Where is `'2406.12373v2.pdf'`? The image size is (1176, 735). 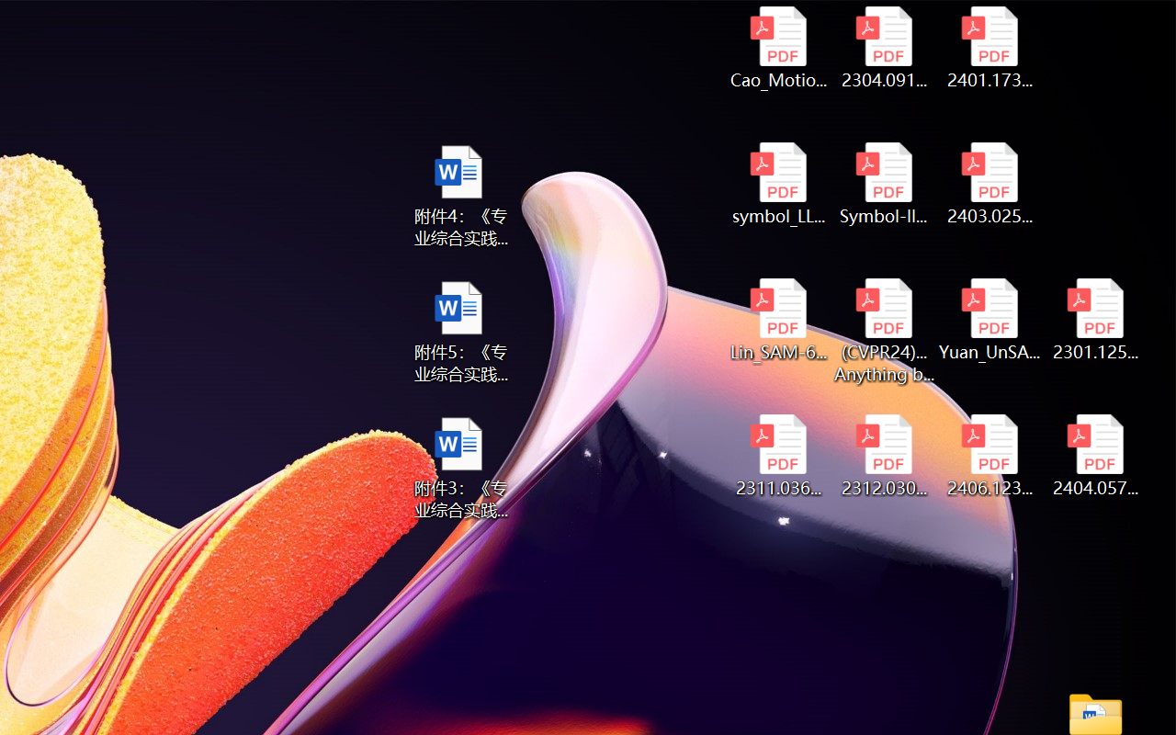
'2406.12373v2.pdf' is located at coordinates (989, 456).